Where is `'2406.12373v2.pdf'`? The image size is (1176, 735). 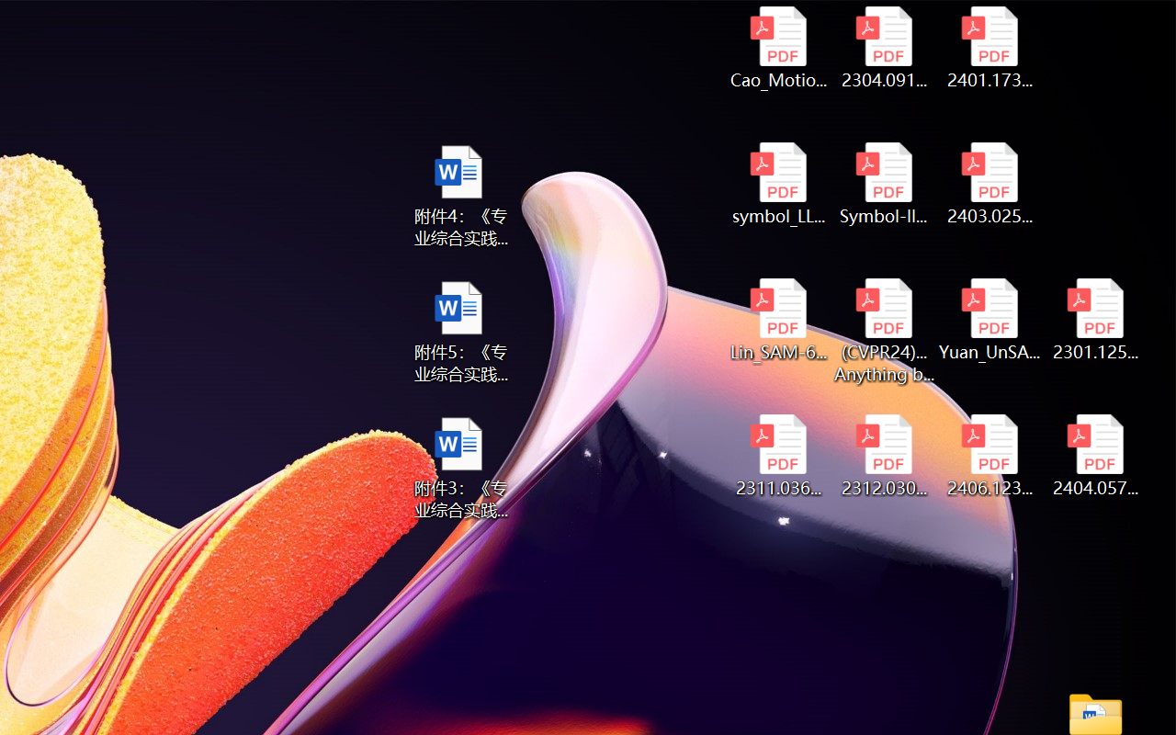
'2406.12373v2.pdf' is located at coordinates (989, 456).